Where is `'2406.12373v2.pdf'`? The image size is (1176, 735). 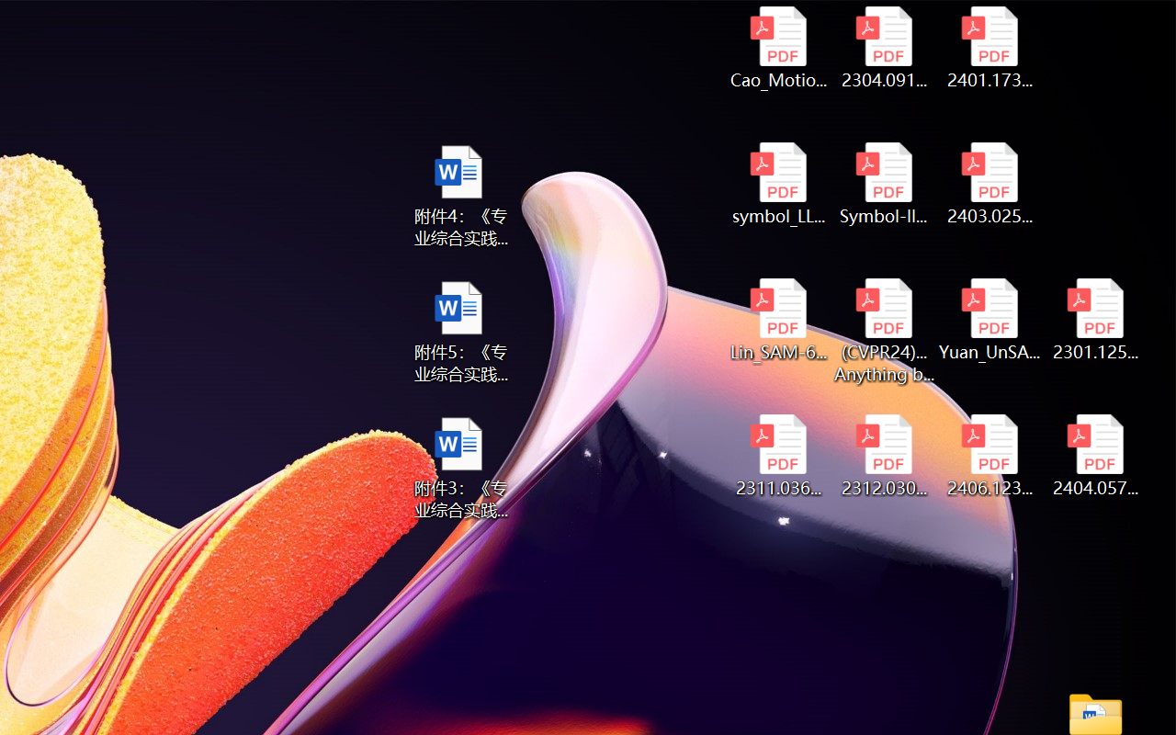
'2406.12373v2.pdf' is located at coordinates (989, 456).